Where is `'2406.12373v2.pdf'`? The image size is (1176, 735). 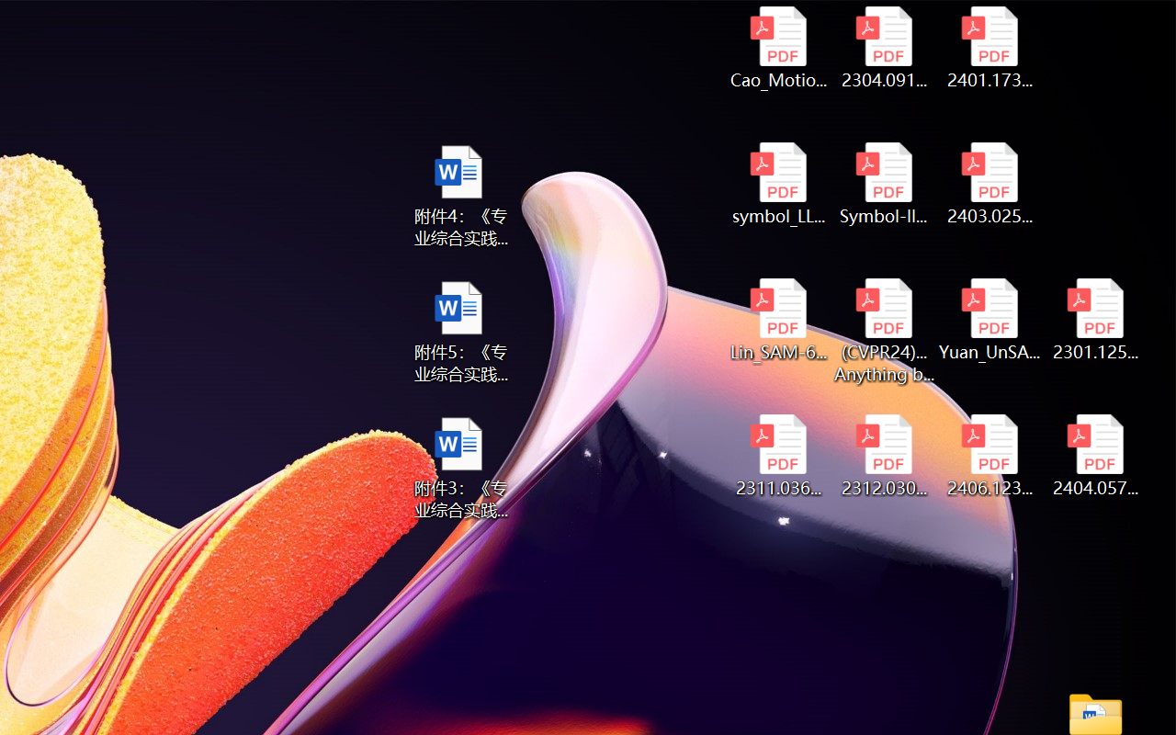
'2406.12373v2.pdf' is located at coordinates (989, 456).